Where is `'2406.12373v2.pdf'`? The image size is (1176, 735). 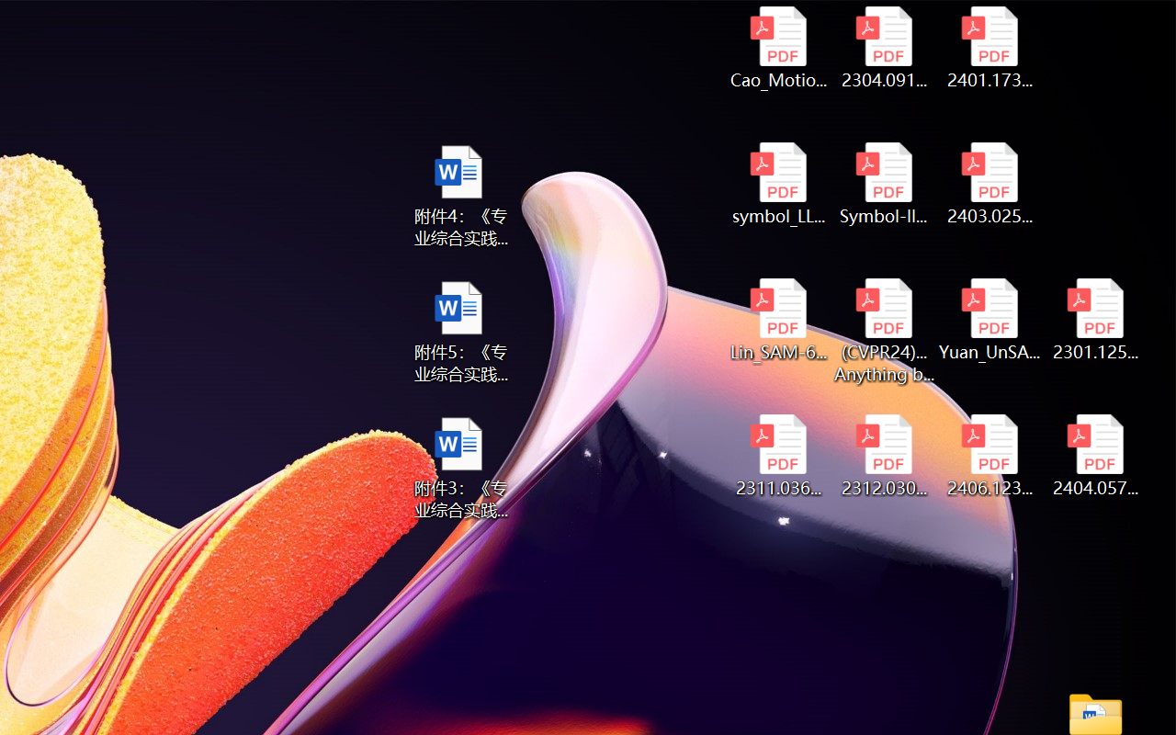
'2406.12373v2.pdf' is located at coordinates (989, 456).